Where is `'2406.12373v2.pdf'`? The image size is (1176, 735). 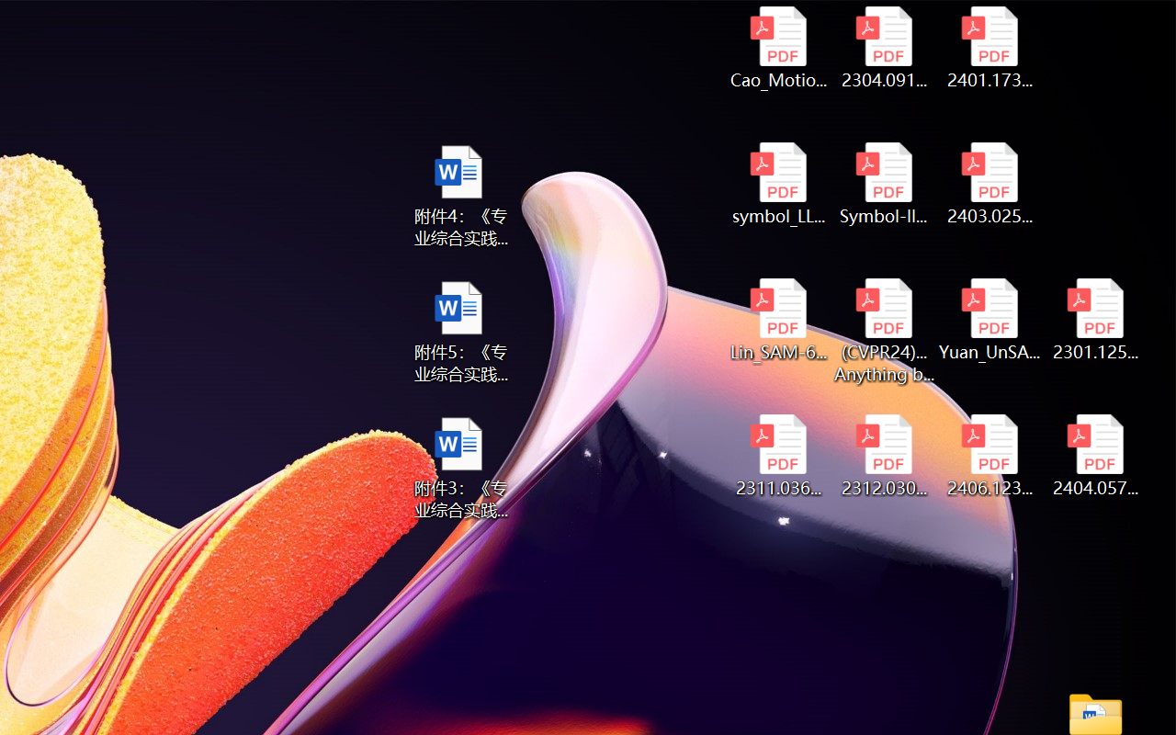
'2406.12373v2.pdf' is located at coordinates (989, 456).